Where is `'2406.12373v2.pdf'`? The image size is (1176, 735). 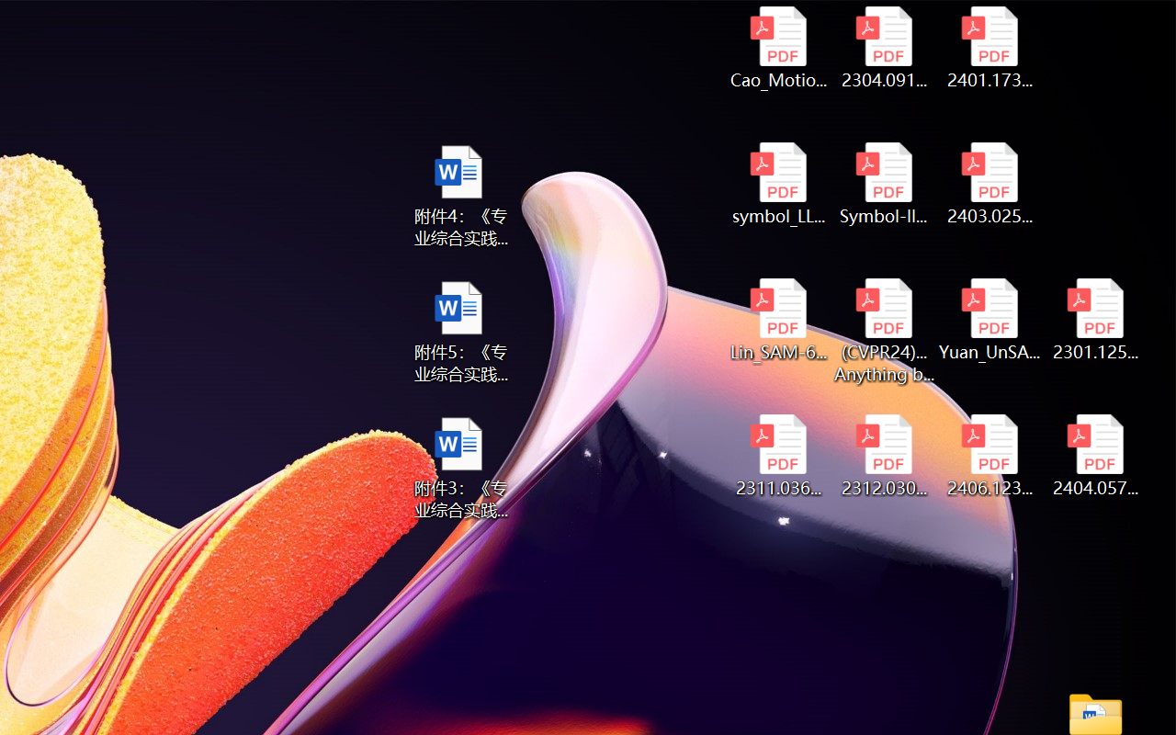
'2406.12373v2.pdf' is located at coordinates (989, 456).